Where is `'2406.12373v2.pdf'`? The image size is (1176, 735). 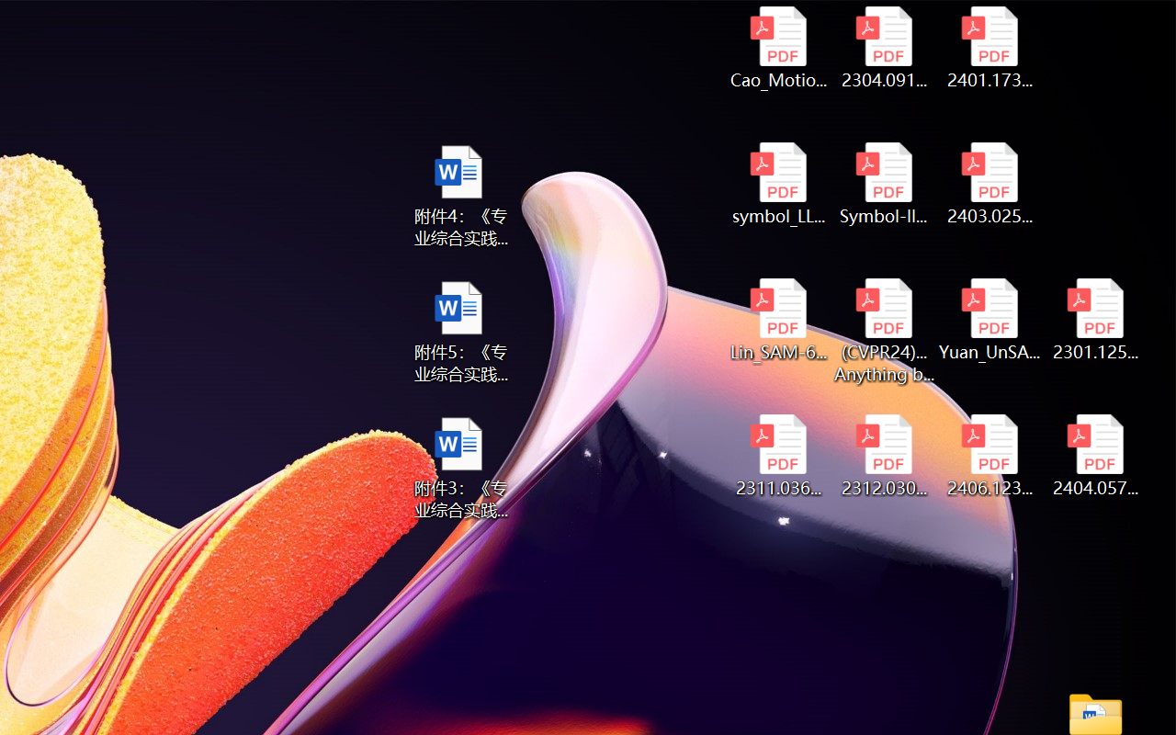
'2406.12373v2.pdf' is located at coordinates (989, 456).